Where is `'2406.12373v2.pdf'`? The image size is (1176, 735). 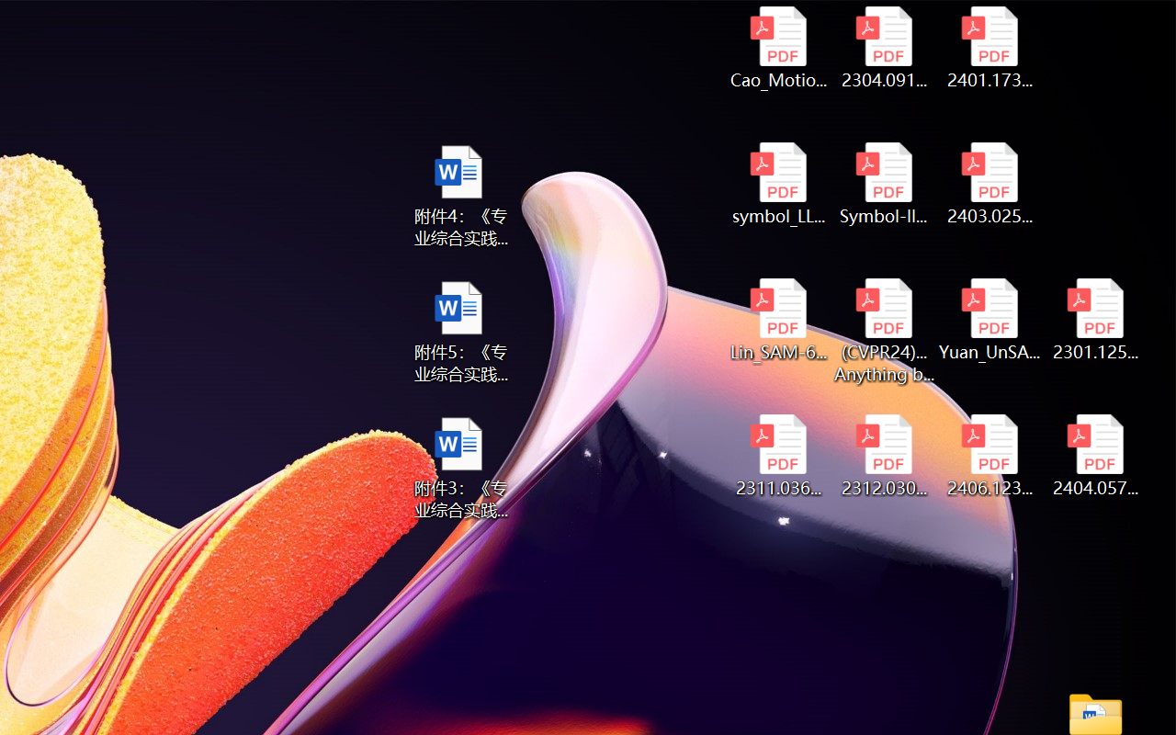
'2406.12373v2.pdf' is located at coordinates (989, 456).